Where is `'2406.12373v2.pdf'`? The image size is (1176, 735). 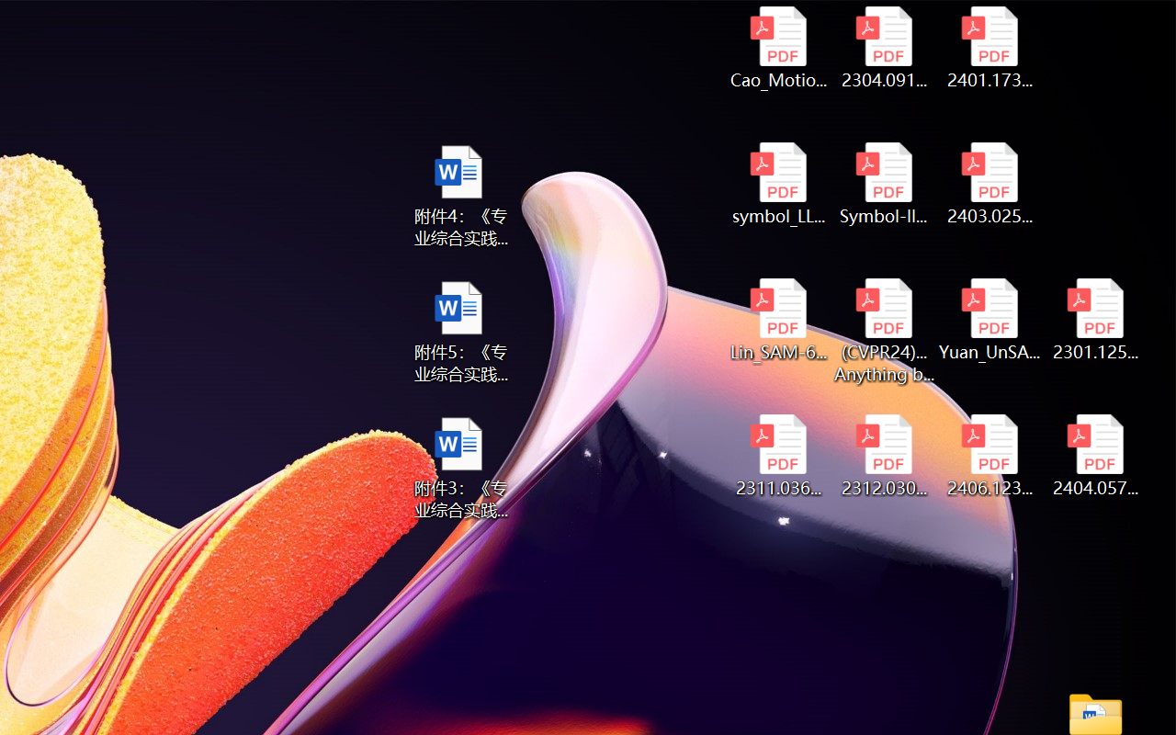
'2406.12373v2.pdf' is located at coordinates (989, 456).